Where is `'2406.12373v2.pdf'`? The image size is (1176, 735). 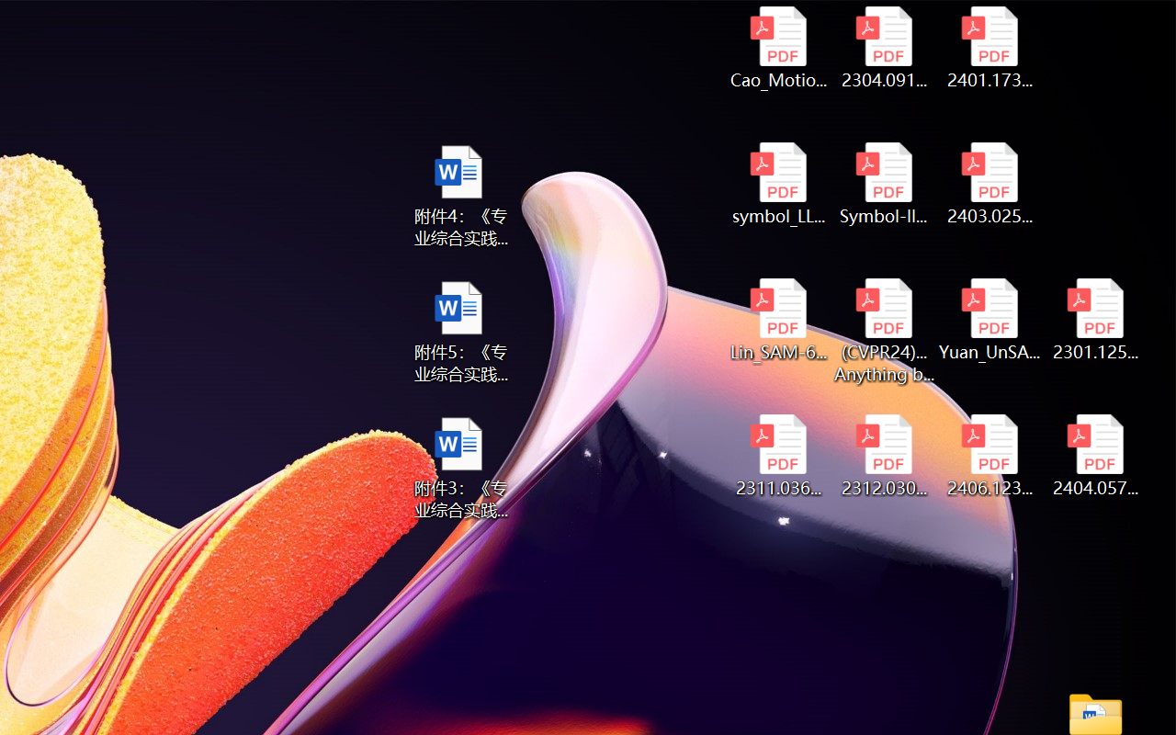
'2406.12373v2.pdf' is located at coordinates (989, 456).